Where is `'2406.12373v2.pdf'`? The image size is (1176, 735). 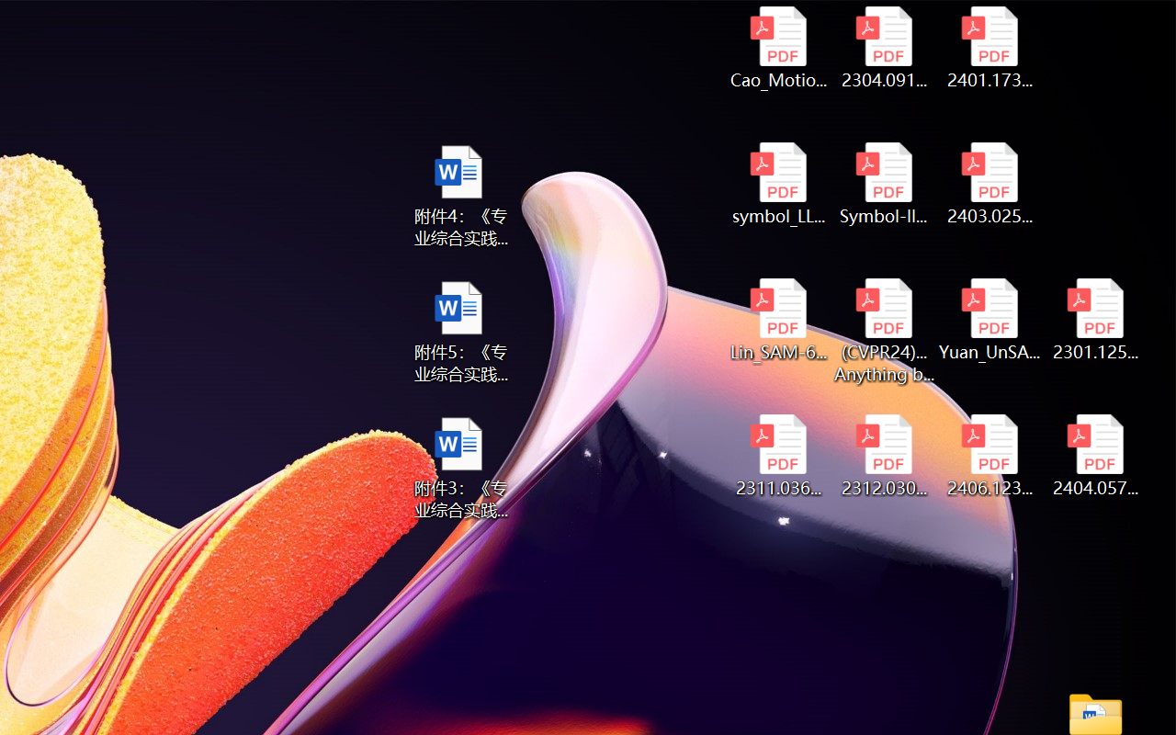
'2406.12373v2.pdf' is located at coordinates (989, 456).